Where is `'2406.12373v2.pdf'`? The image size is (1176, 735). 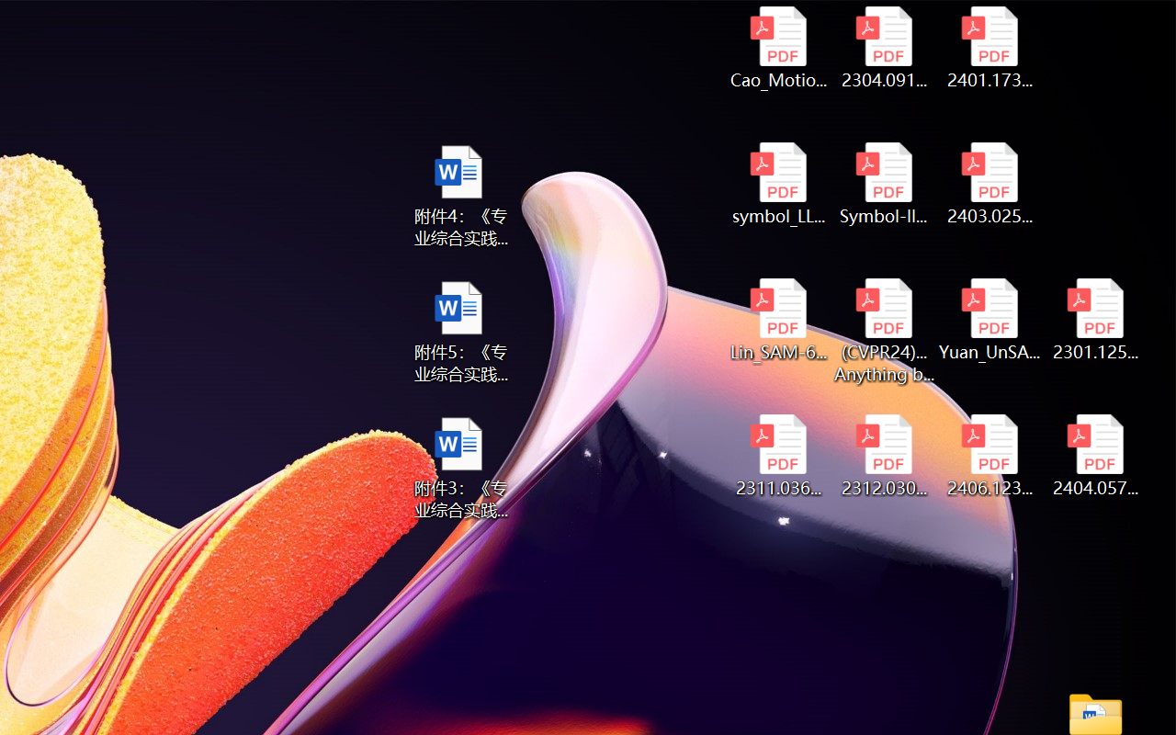
'2406.12373v2.pdf' is located at coordinates (989, 456).